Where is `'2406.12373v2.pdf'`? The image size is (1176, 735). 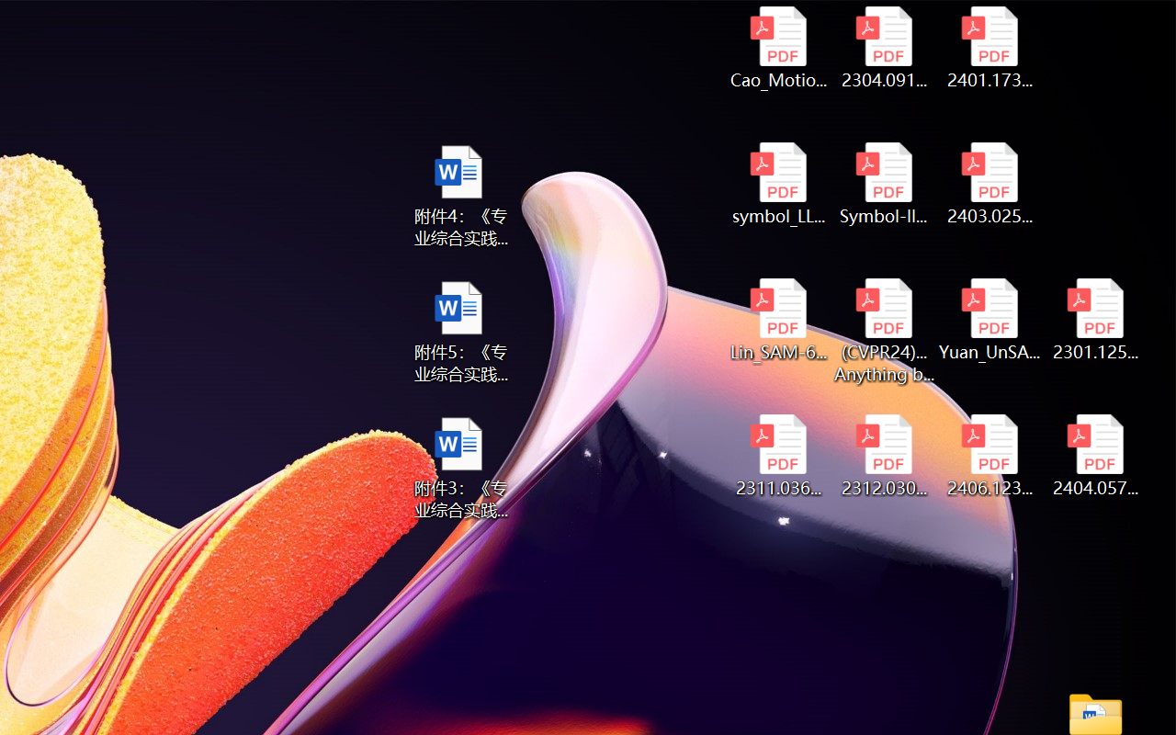
'2406.12373v2.pdf' is located at coordinates (989, 456).